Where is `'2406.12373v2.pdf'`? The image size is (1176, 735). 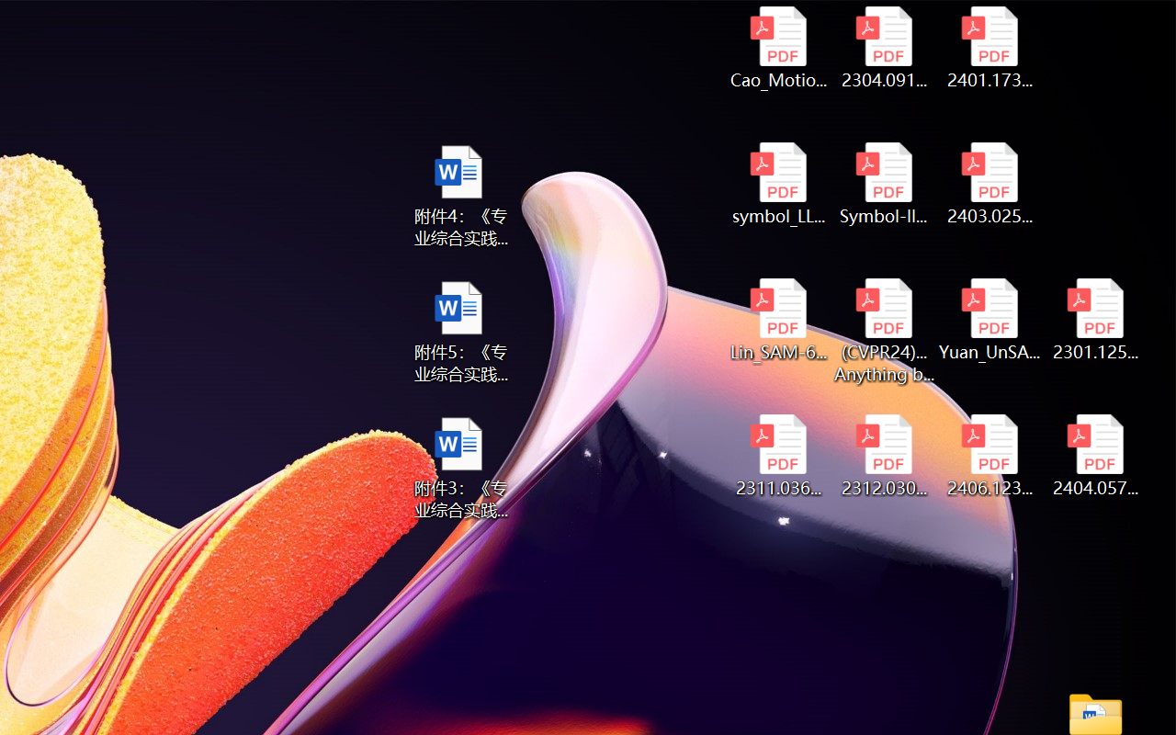
'2406.12373v2.pdf' is located at coordinates (989, 456).